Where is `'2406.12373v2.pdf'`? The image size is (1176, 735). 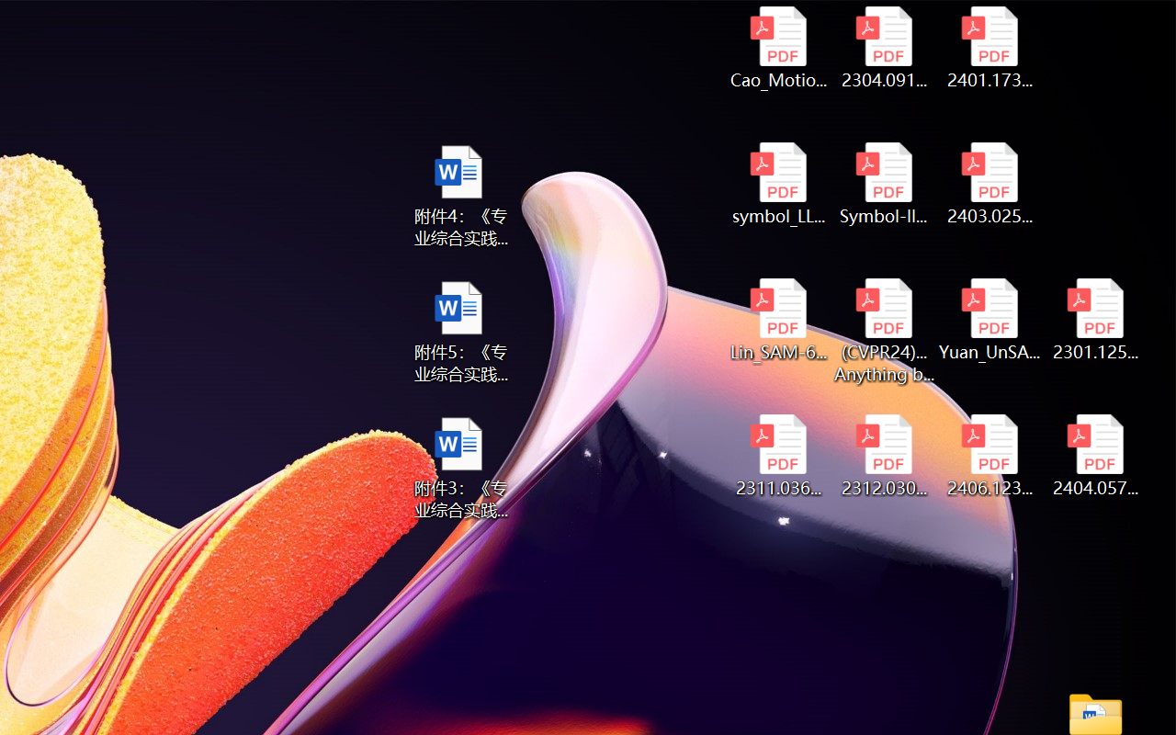
'2406.12373v2.pdf' is located at coordinates (989, 456).